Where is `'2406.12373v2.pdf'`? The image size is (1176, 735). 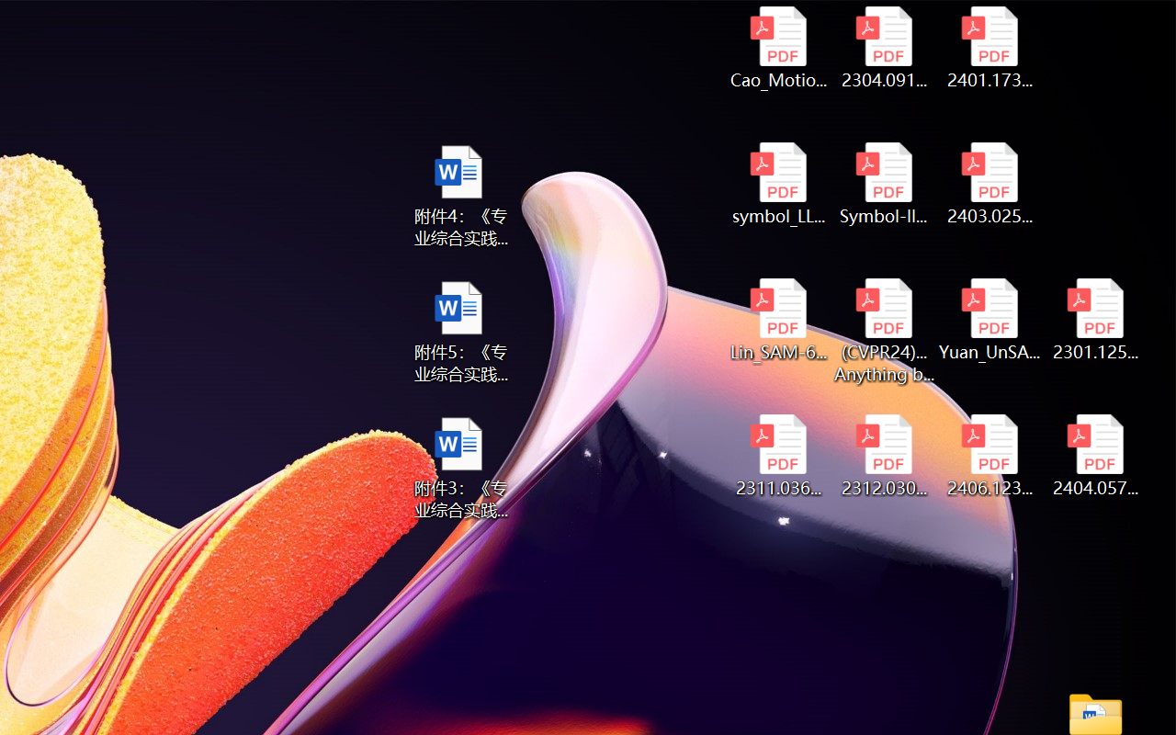
'2406.12373v2.pdf' is located at coordinates (989, 456).